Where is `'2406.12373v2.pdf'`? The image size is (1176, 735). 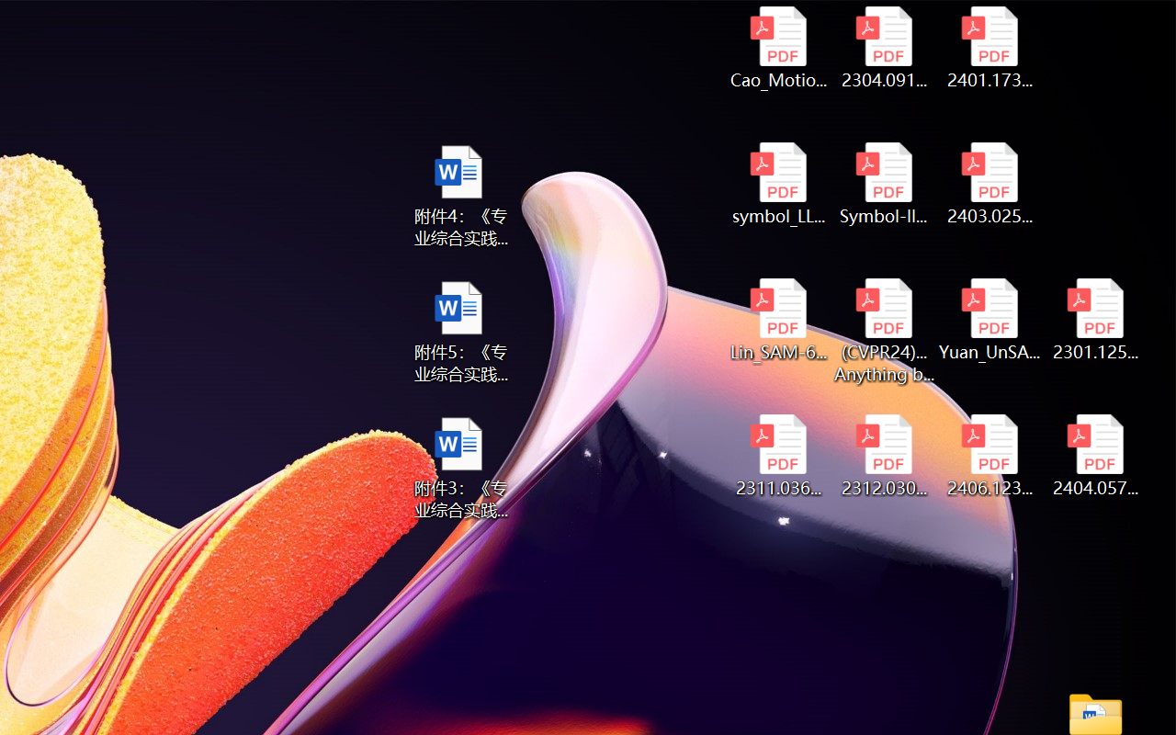
'2406.12373v2.pdf' is located at coordinates (989, 456).